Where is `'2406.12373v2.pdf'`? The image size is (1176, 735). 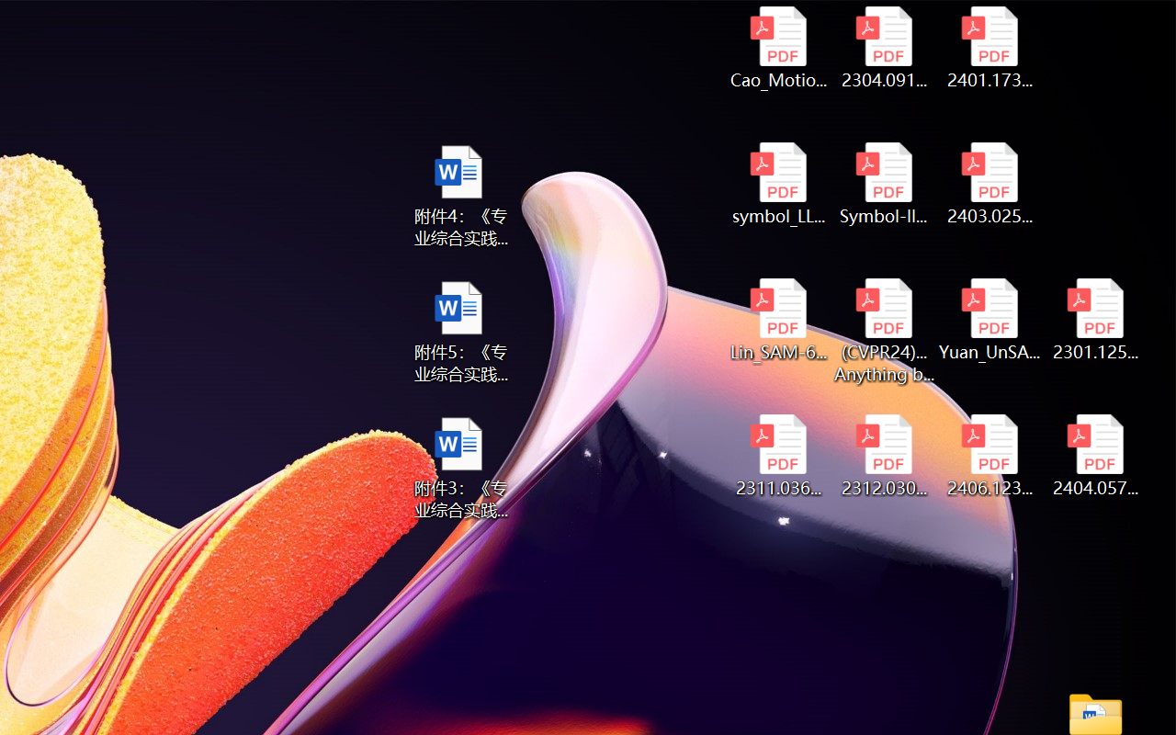
'2406.12373v2.pdf' is located at coordinates (989, 456).